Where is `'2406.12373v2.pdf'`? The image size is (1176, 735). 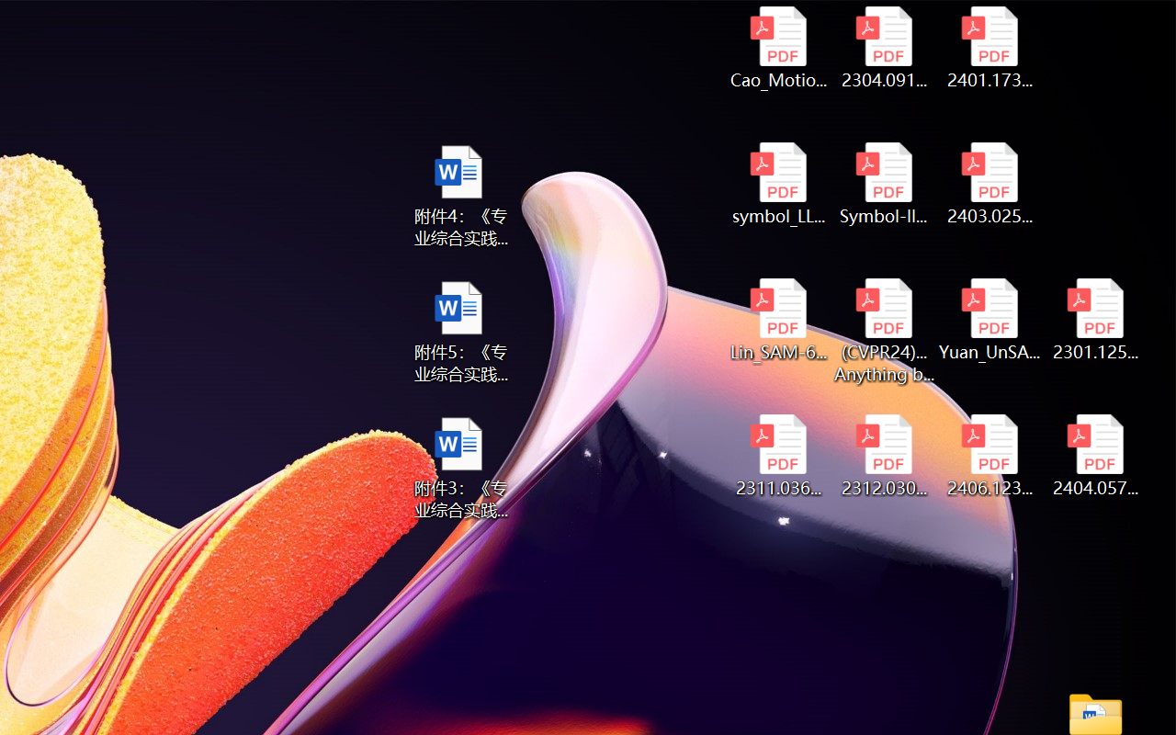
'2406.12373v2.pdf' is located at coordinates (989, 456).